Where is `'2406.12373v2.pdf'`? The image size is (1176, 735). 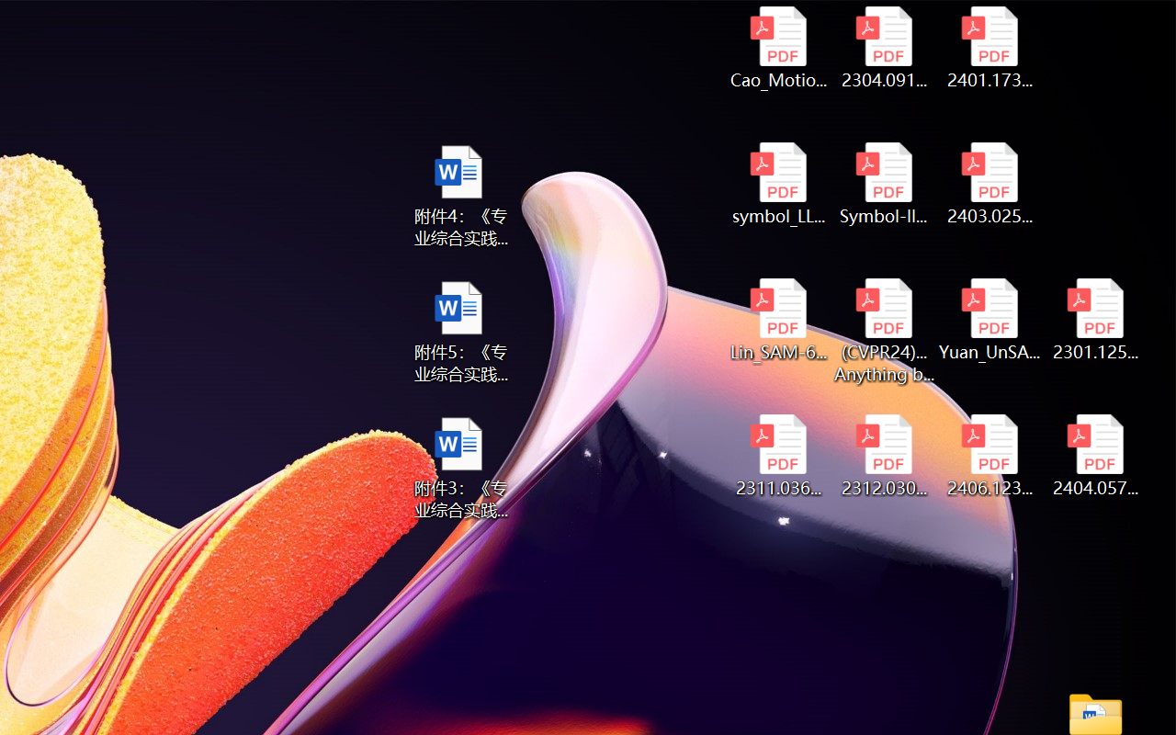
'2406.12373v2.pdf' is located at coordinates (989, 456).